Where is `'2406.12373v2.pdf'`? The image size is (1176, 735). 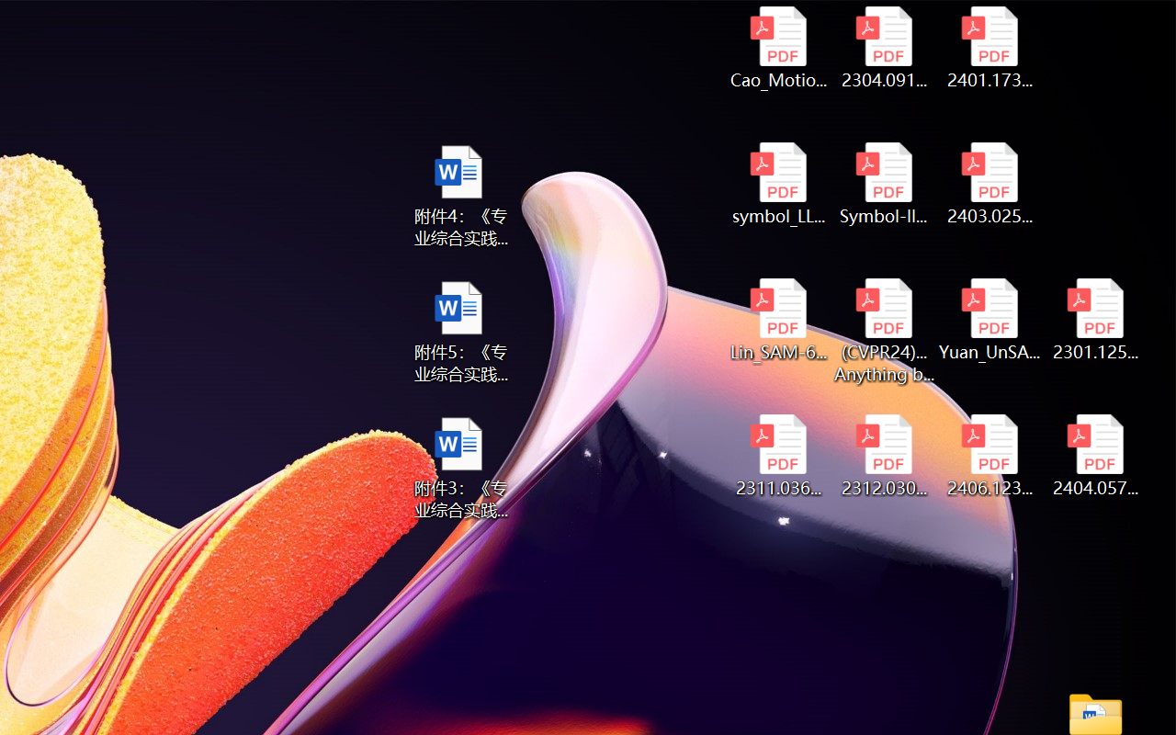
'2406.12373v2.pdf' is located at coordinates (989, 456).